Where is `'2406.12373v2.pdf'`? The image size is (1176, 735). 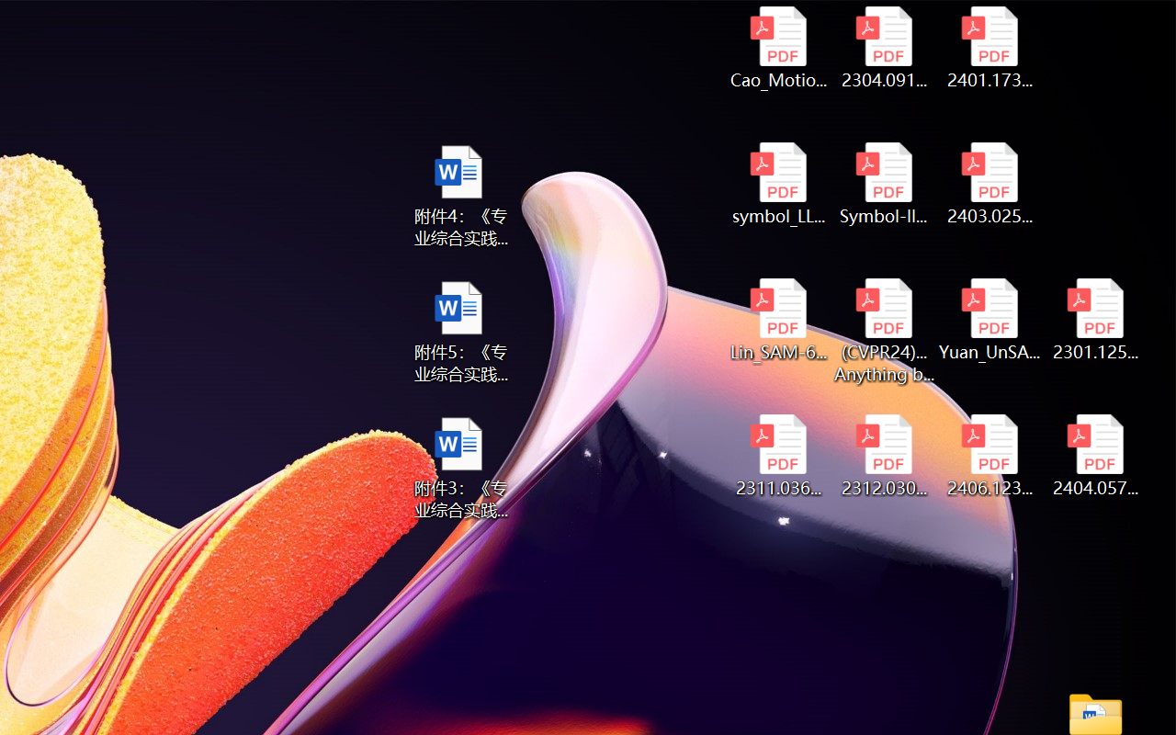
'2406.12373v2.pdf' is located at coordinates (989, 456).